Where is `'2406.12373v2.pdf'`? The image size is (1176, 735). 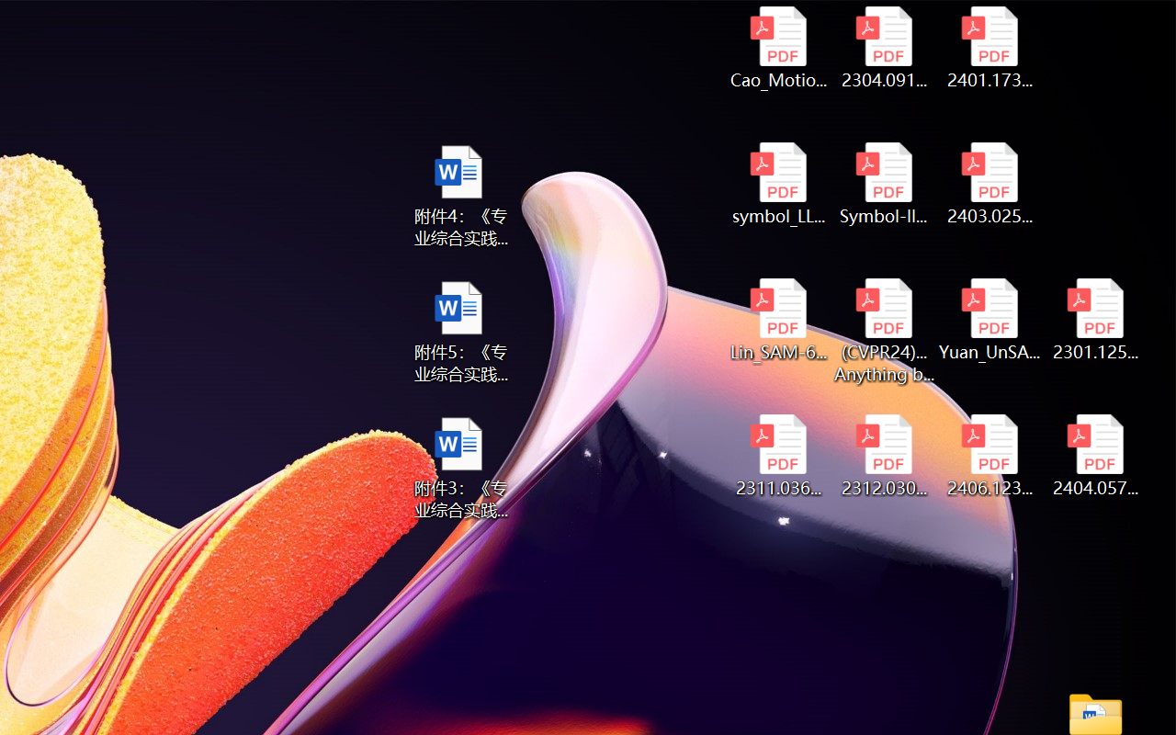
'2406.12373v2.pdf' is located at coordinates (989, 456).